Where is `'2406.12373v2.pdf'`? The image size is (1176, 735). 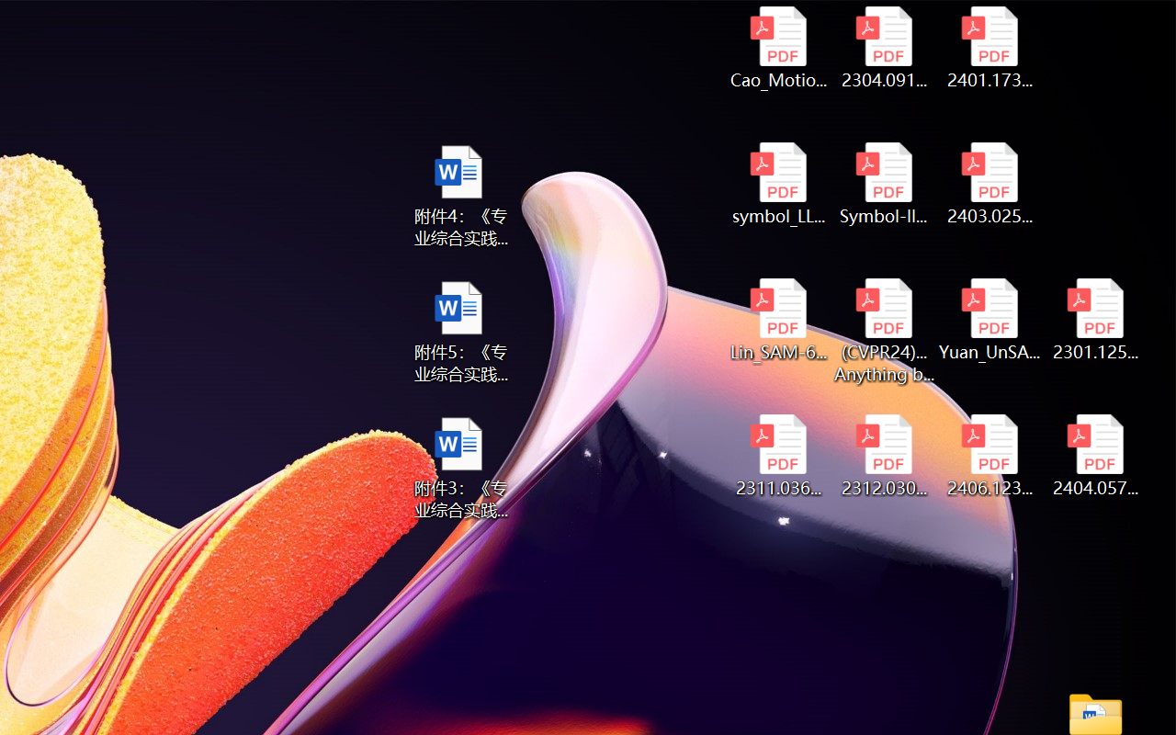
'2406.12373v2.pdf' is located at coordinates (989, 456).